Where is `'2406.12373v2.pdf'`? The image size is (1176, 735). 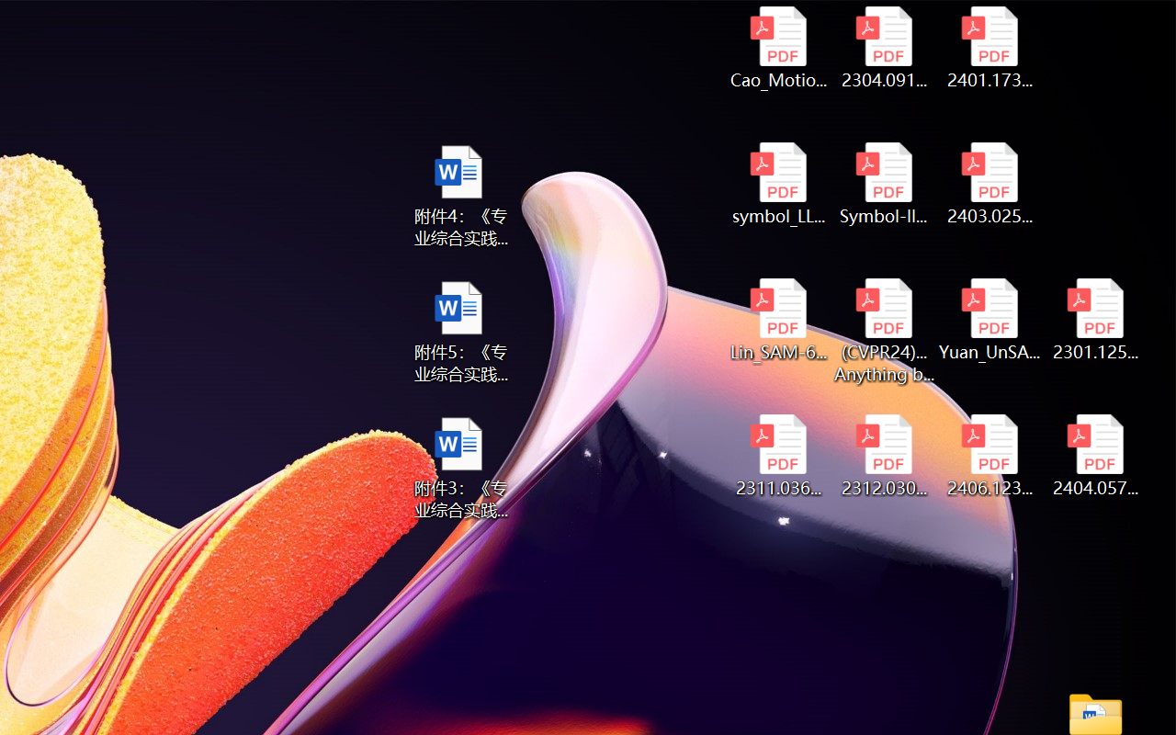
'2406.12373v2.pdf' is located at coordinates (989, 456).